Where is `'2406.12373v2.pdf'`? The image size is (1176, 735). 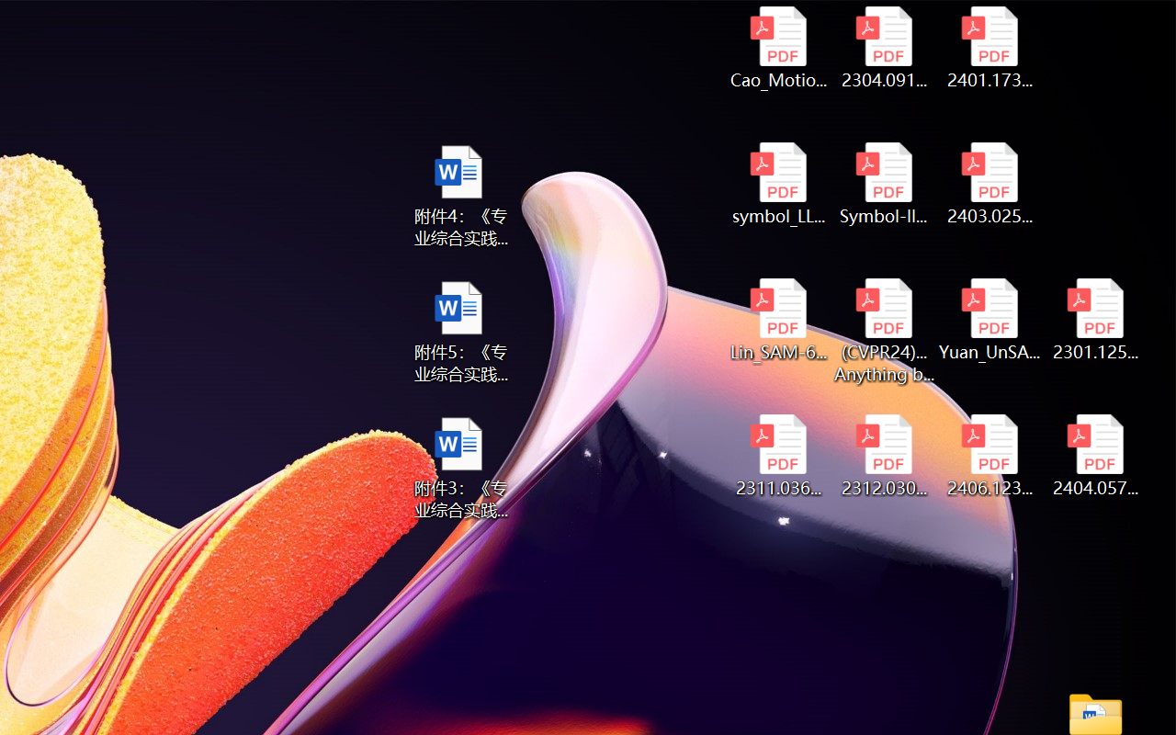
'2406.12373v2.pdf' is located at coordinates (989, 456).